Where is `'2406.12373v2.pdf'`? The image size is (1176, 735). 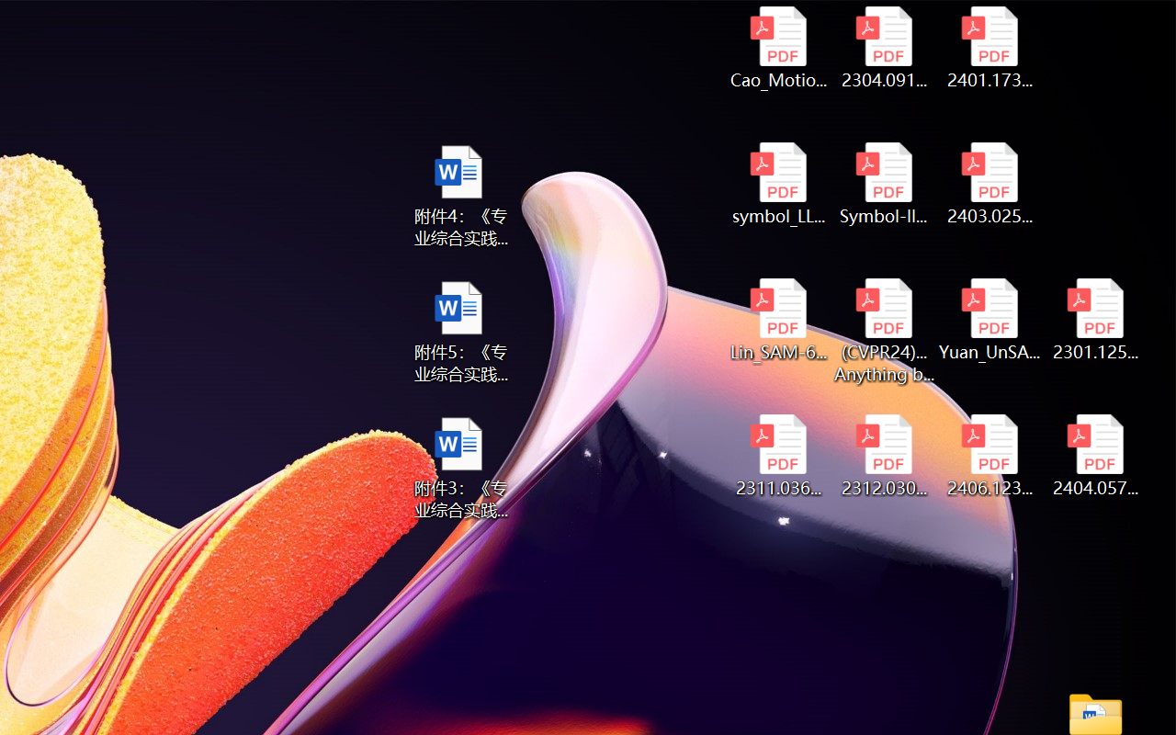
'2406.12373v2.pdf' is located at coordinates (989, 456).